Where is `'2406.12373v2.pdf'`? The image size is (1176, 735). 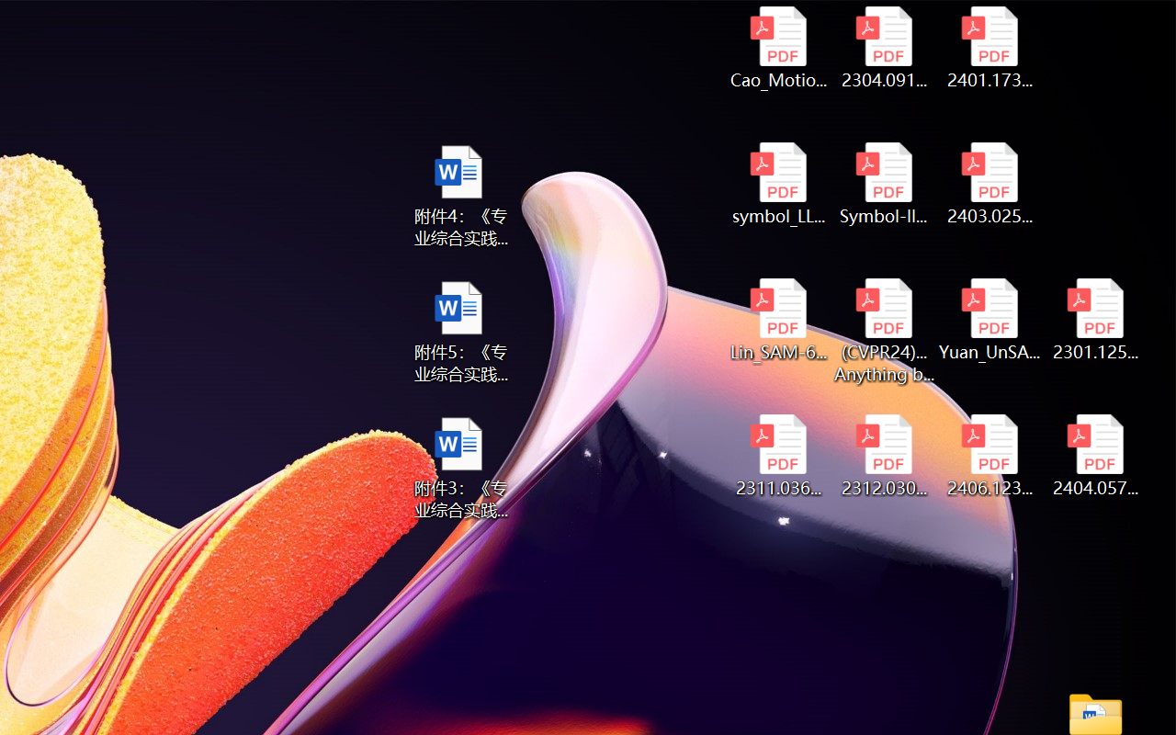
'2406.12373v2.pdf' is located at coordinates (989, 456).